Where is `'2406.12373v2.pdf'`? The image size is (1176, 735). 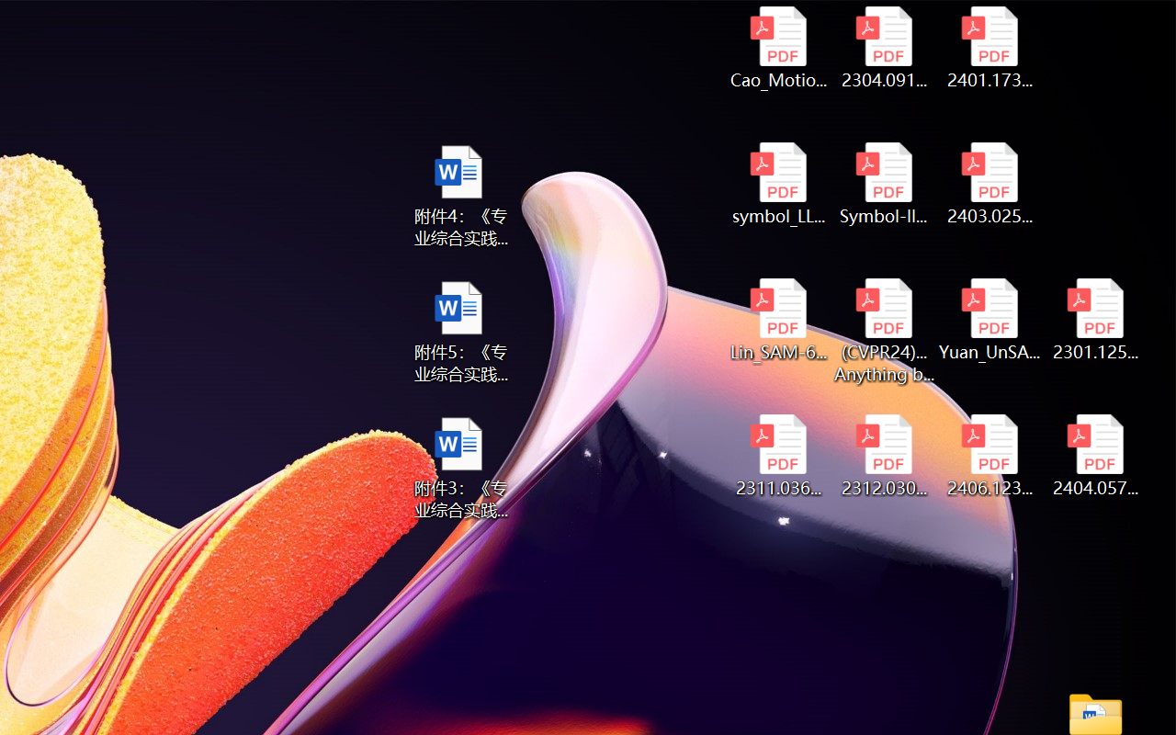
'2406.12373v2.pdf' is located at coordinates (989, 456).